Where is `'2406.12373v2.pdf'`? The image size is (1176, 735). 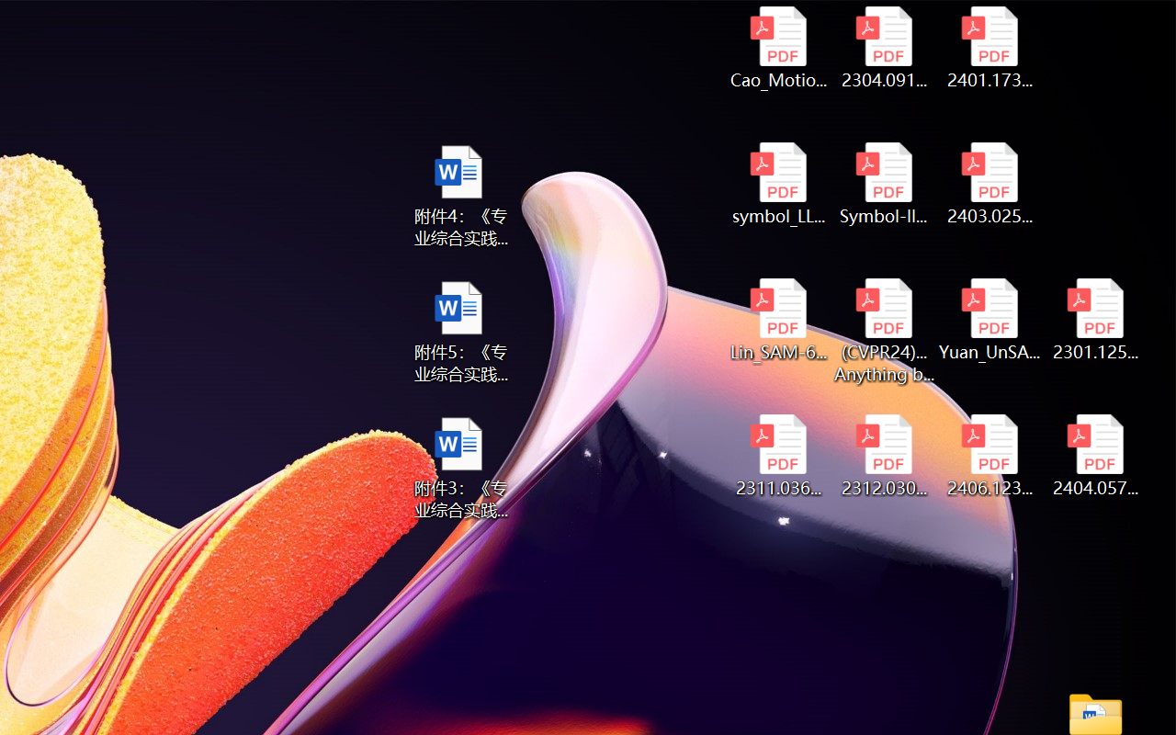
'2406.12373v2.pdf' is located at coordinates (989, 456).